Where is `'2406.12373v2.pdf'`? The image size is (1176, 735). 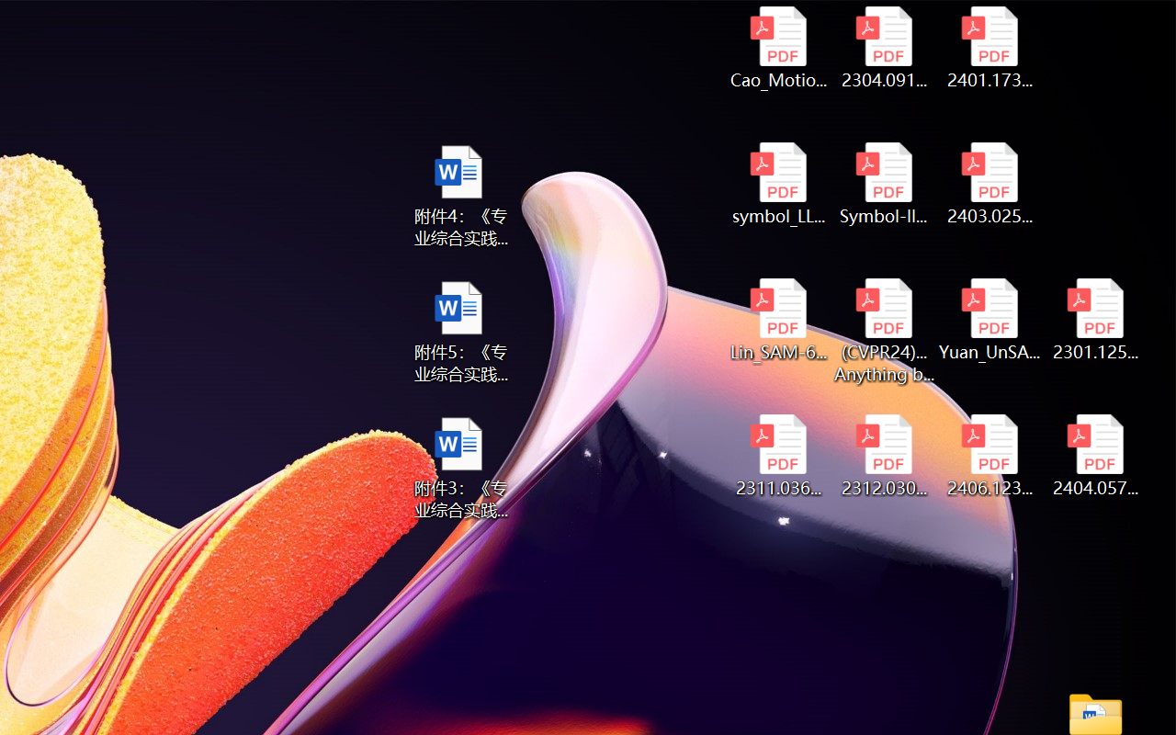
'2406.12373v2.pdf' is located at coordinates (989, 456).